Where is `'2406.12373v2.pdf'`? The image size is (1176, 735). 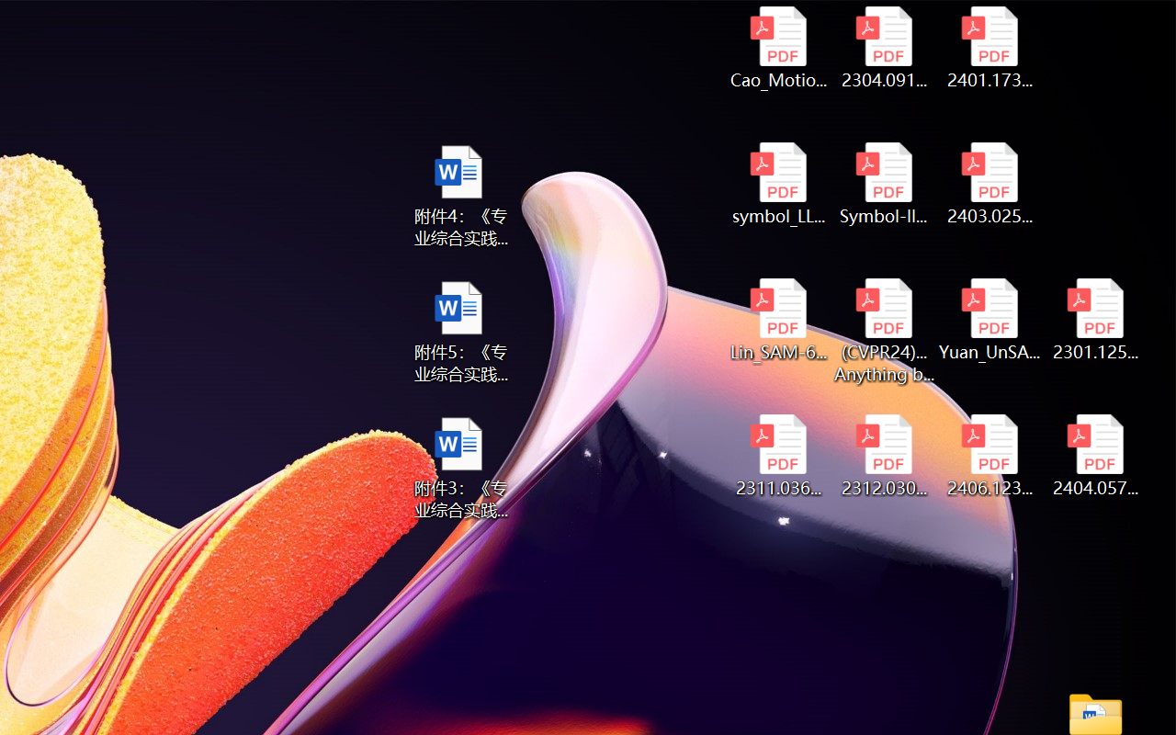
'2406.12373v2.pdf' is located at coordinates (989, 456).